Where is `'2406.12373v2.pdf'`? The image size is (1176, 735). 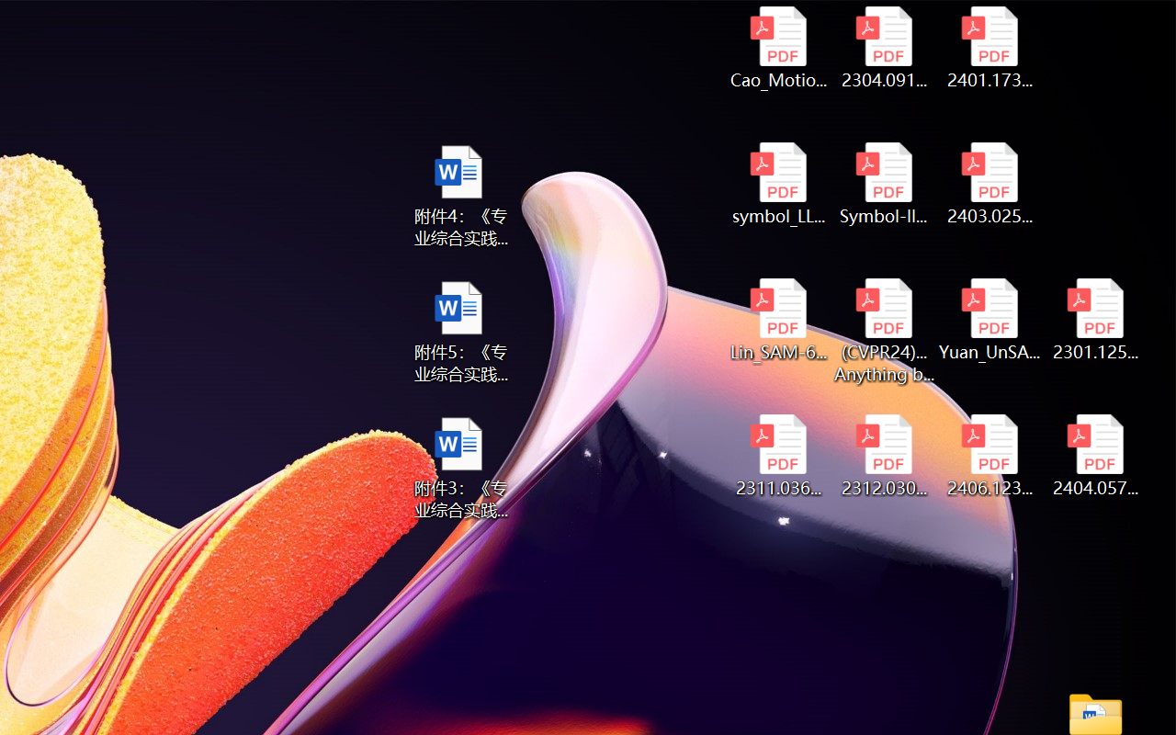
'2406.12373v2.pdf' is located at coordinates (989, 456).